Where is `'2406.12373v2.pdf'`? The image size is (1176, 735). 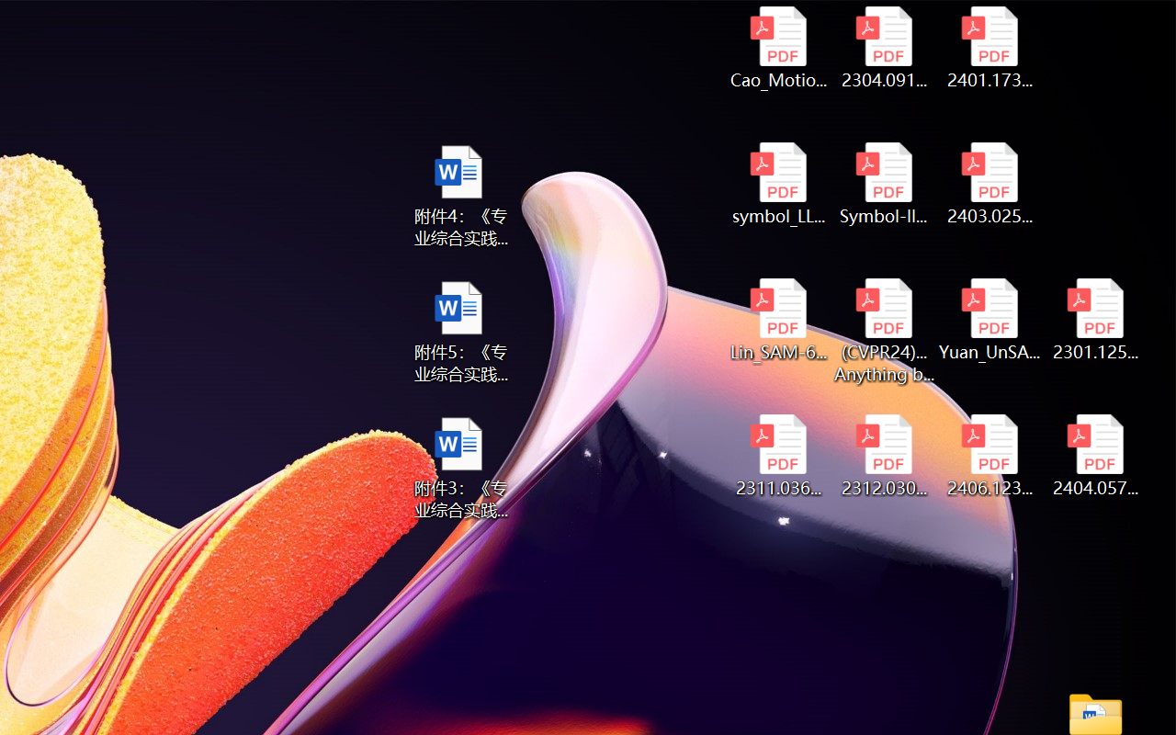
'2406.12373v2.pdf' is located at coordinates (989, 456).